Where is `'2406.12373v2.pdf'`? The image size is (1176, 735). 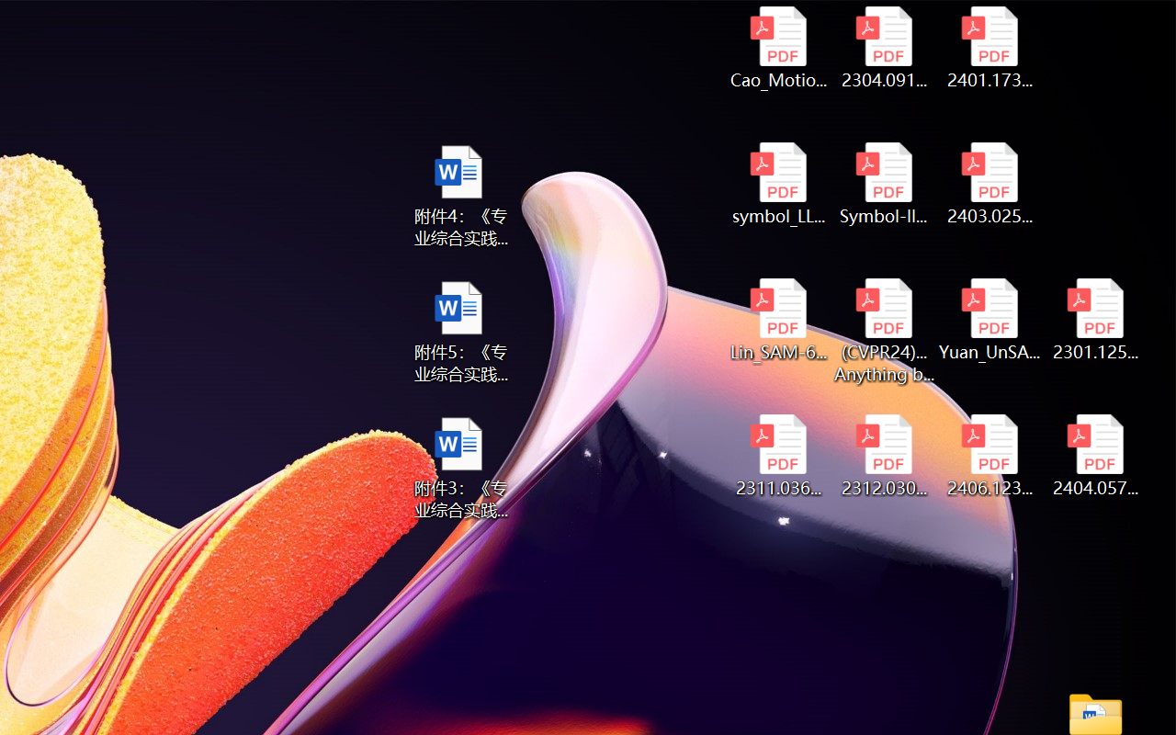
'2406.12373v2.pdf' is located at coordinates (989, 456).